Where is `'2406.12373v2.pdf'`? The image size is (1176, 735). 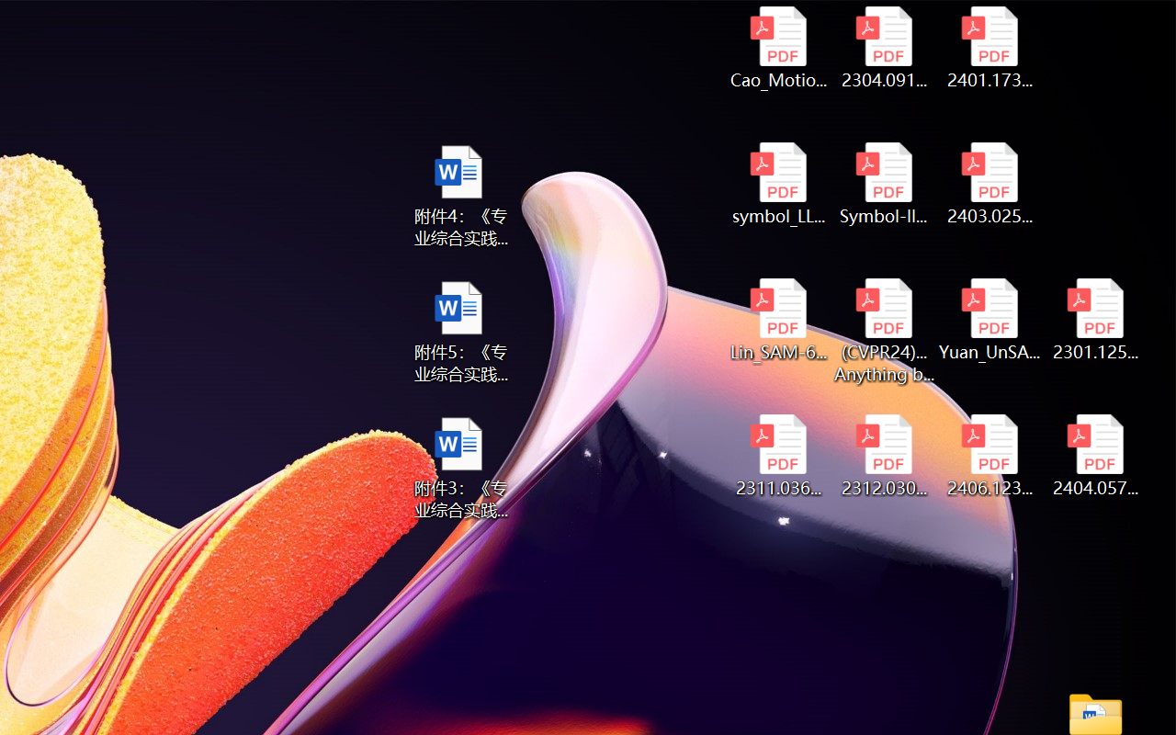
'2406.12373v2.pdf' is located at coordinates (989, 456).